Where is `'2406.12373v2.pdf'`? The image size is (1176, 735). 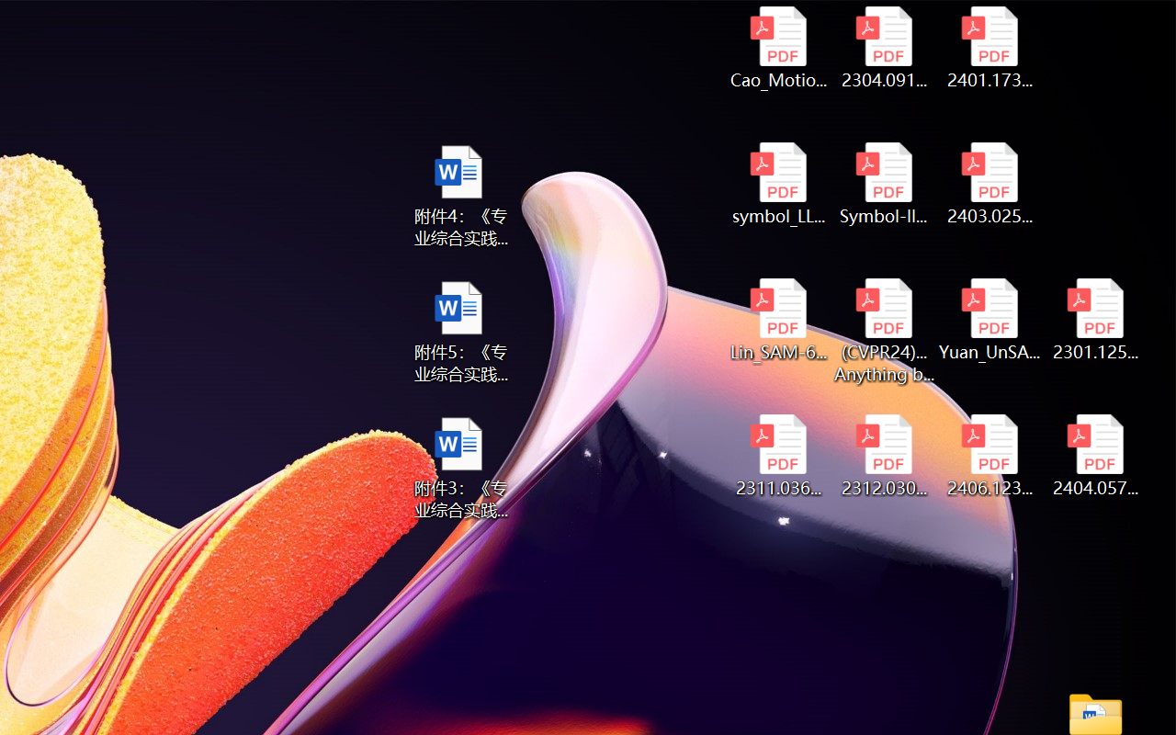
'2406.12373v2.pdf' is located at coordinates (989, 456).